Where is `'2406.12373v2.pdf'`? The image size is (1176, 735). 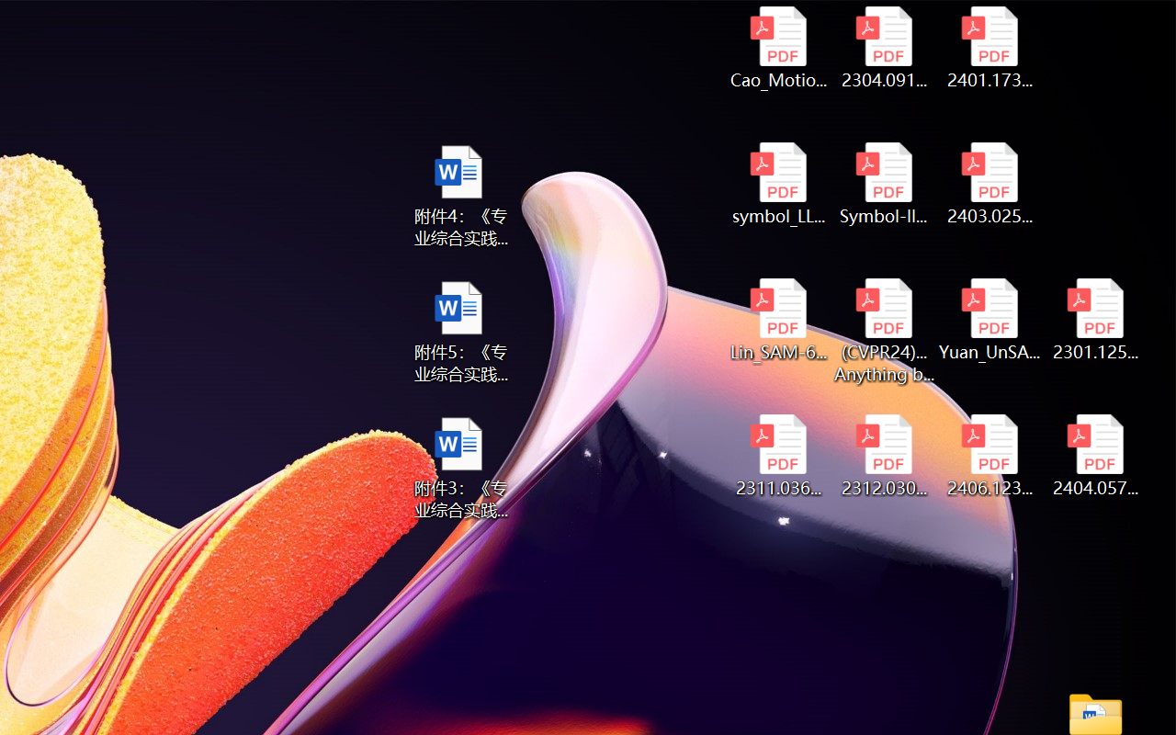
'2406.12373v2.pdf' is located at coordinates (989, 456).